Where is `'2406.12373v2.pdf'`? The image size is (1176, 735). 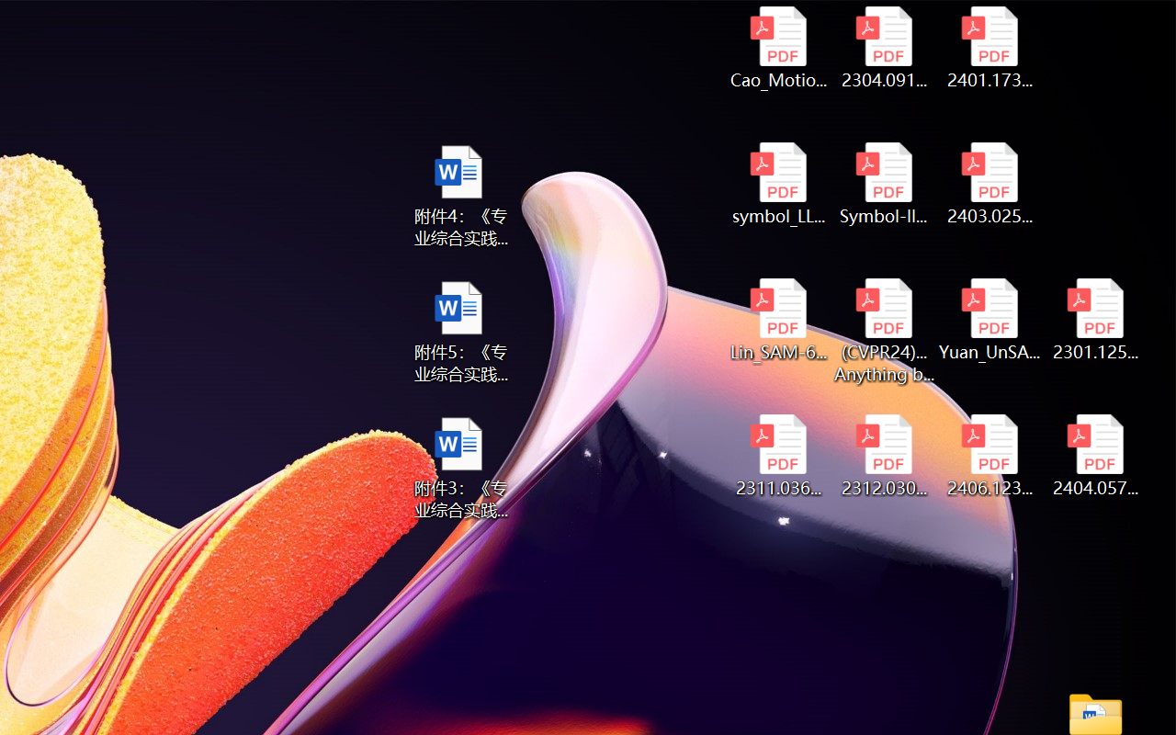
'2406.12373v2.pdf' is located at coordinates (989, 456).